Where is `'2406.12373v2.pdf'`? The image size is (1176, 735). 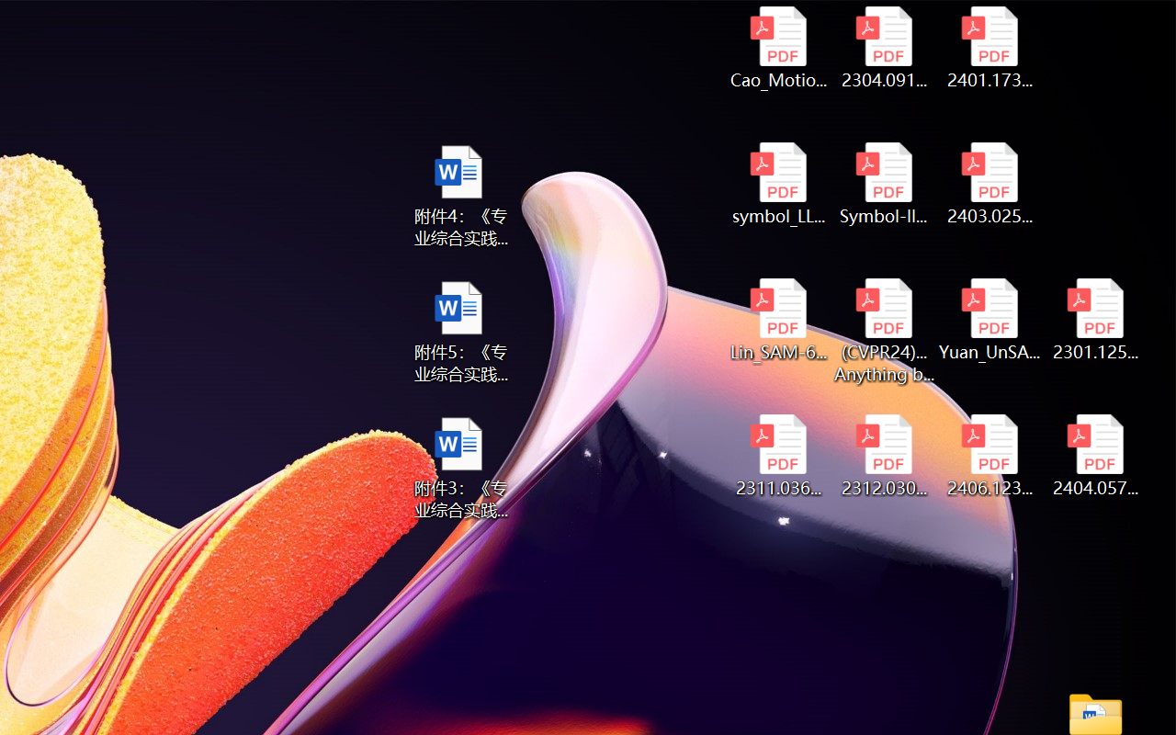
'2406.12373v2.pdf' is located at coordinates (989, 456).